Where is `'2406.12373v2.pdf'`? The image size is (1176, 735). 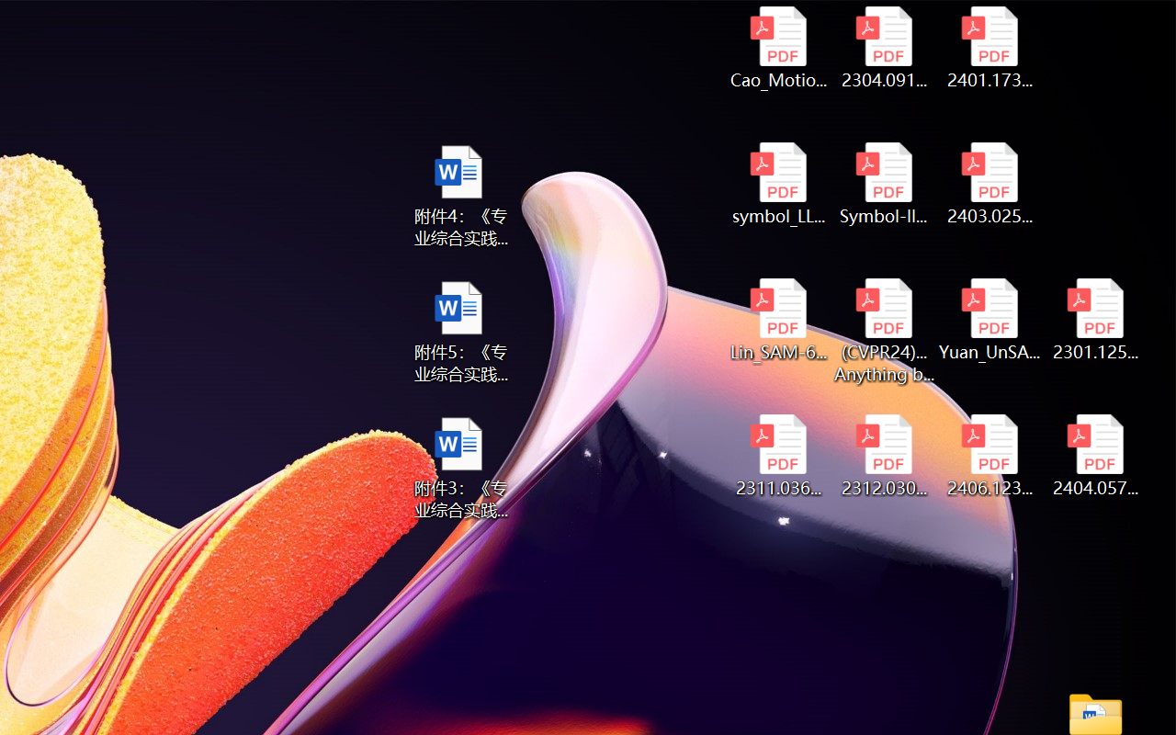
'2406.12373v2.pdf' is located at coordinates (989, 456).